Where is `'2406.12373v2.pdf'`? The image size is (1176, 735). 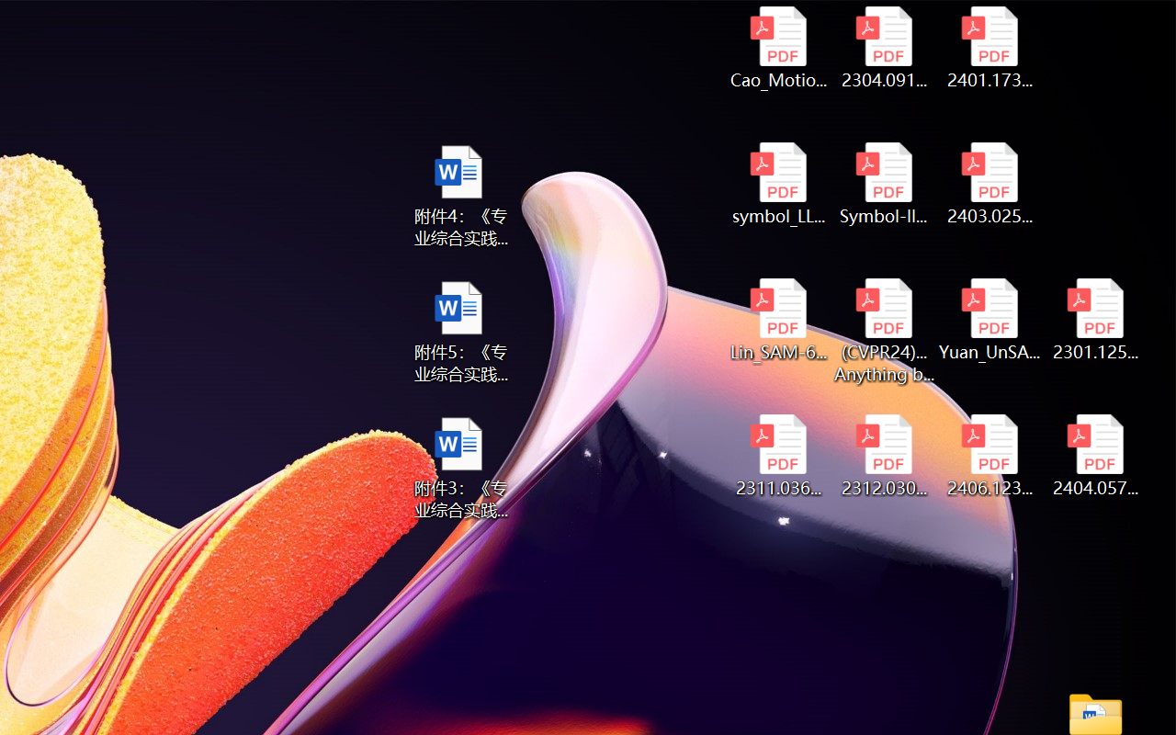
'2406.12373v2.pdf' is located at coordinates (989, 456).